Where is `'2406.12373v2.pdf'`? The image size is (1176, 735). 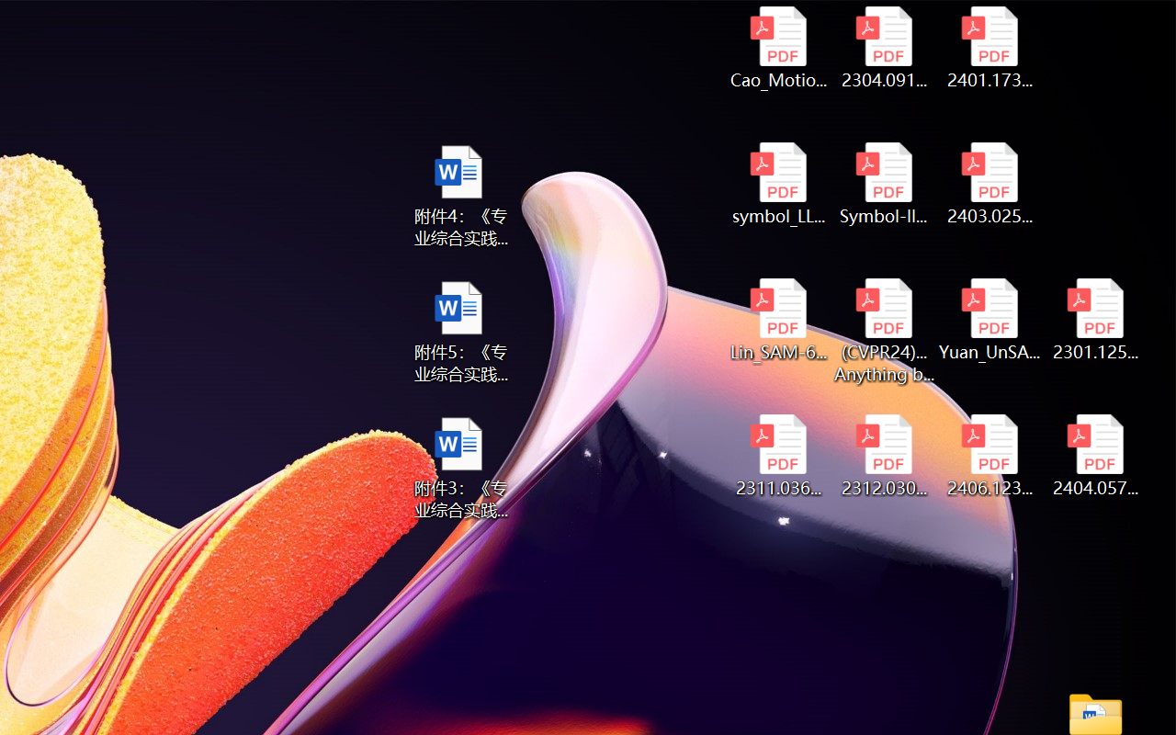
'2406.12373v2.pdf' is located at coordinates (989, 456).